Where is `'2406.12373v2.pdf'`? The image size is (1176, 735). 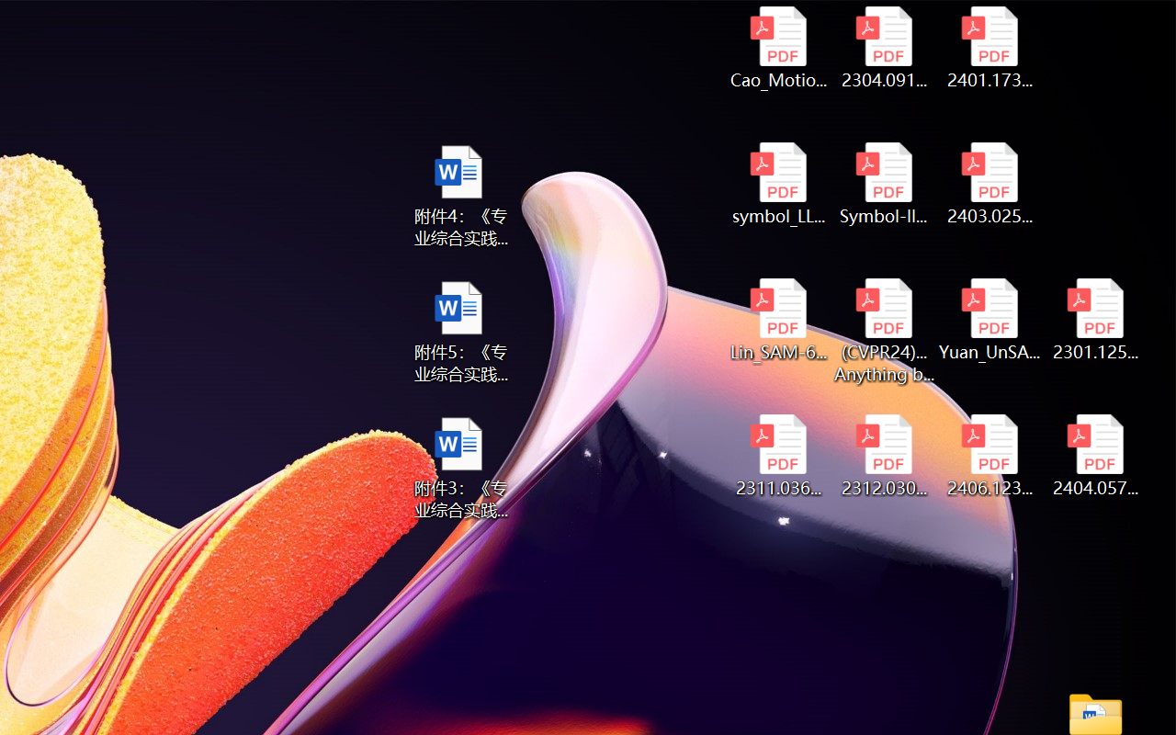
'2406.12373v2.pdf' is located at coordinates (989, 456).